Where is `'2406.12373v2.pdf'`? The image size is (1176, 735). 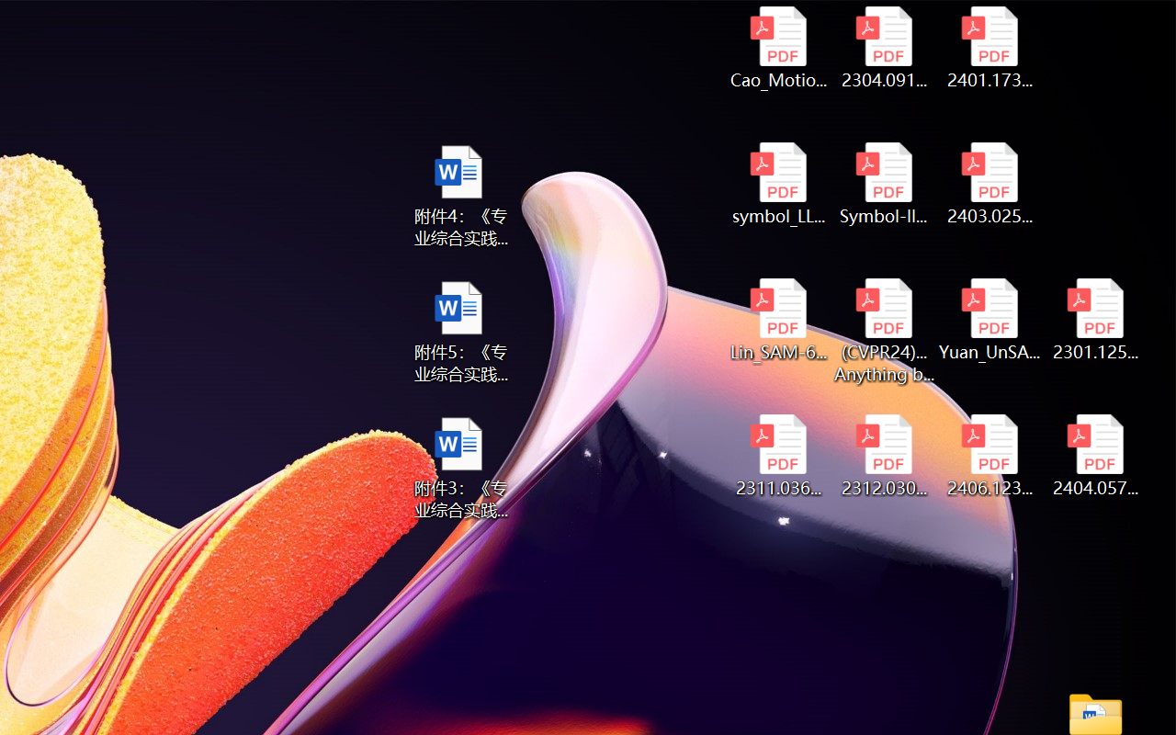
'2406.12373v2.pdf' is located at coordinates (989, 456).